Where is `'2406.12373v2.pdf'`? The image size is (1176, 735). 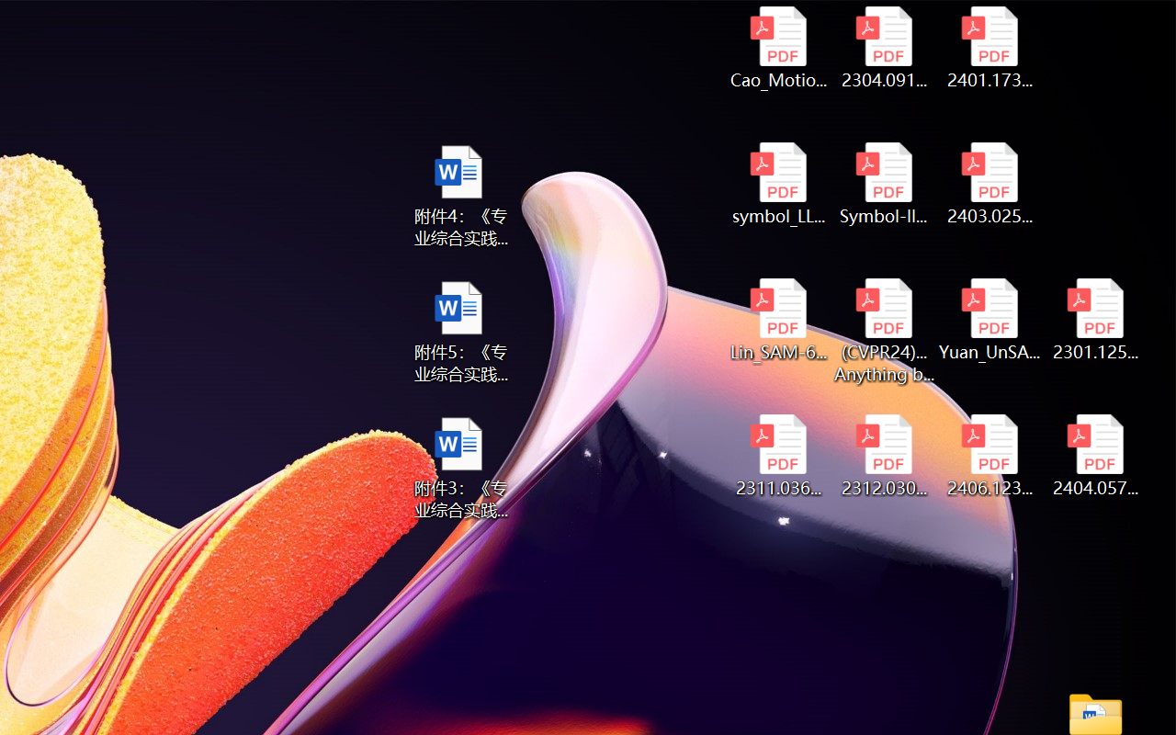
'2406.12373v2.pdf' is located at coordinates (989, 456).